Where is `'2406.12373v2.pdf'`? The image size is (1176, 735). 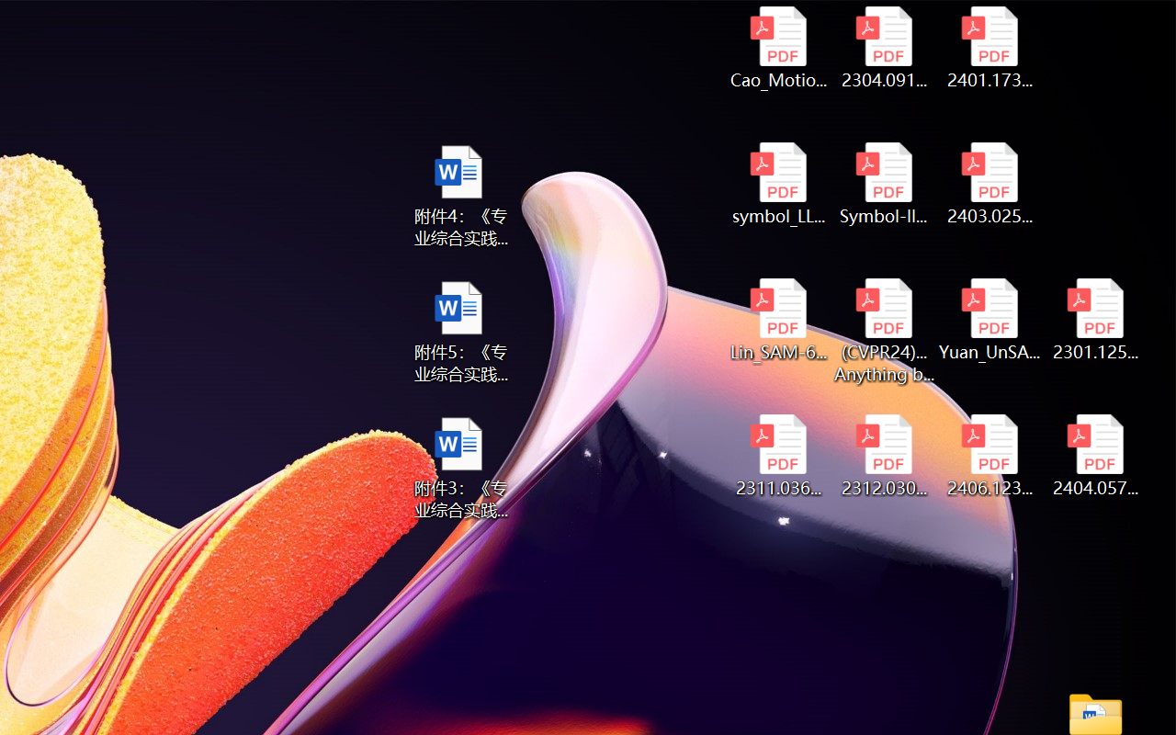
'2406.12373v2.pdf' is located at coordinates (989, 456).